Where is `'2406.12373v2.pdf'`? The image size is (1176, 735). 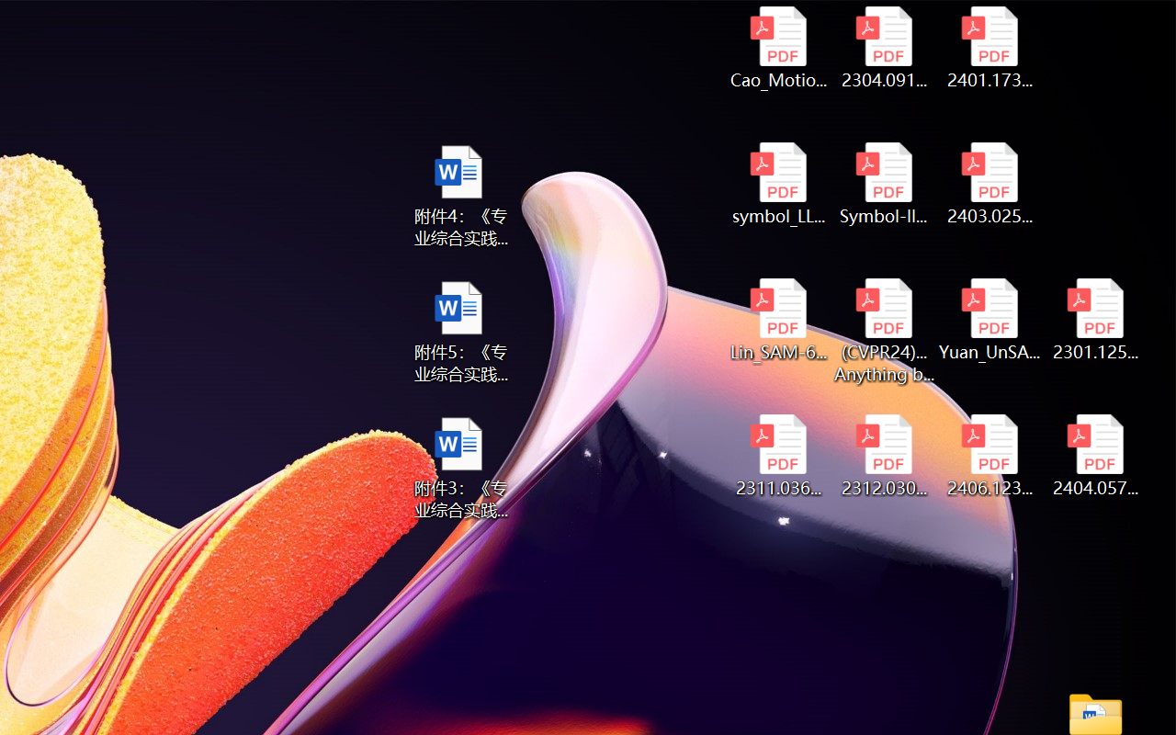
'2406.12373v2.pdf' is located at coordinates (989, 456).